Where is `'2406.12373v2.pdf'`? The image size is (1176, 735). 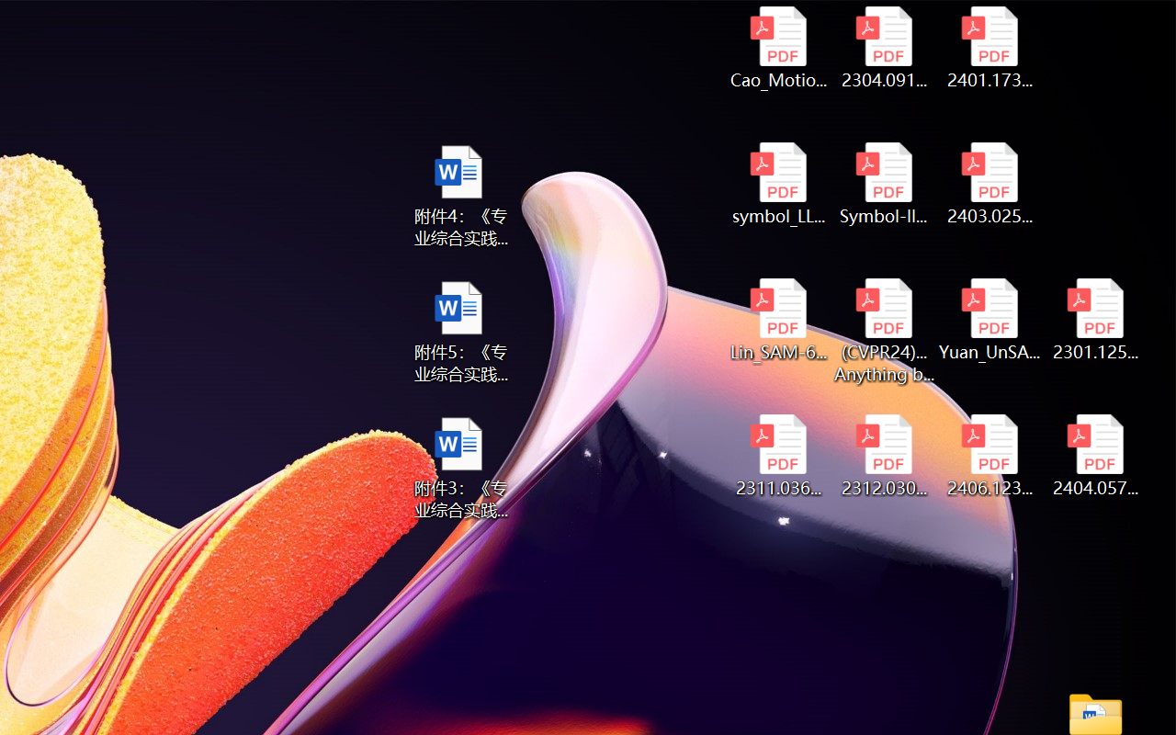
'2406.12373v2.pdf' is located at coordinates (989, 456).